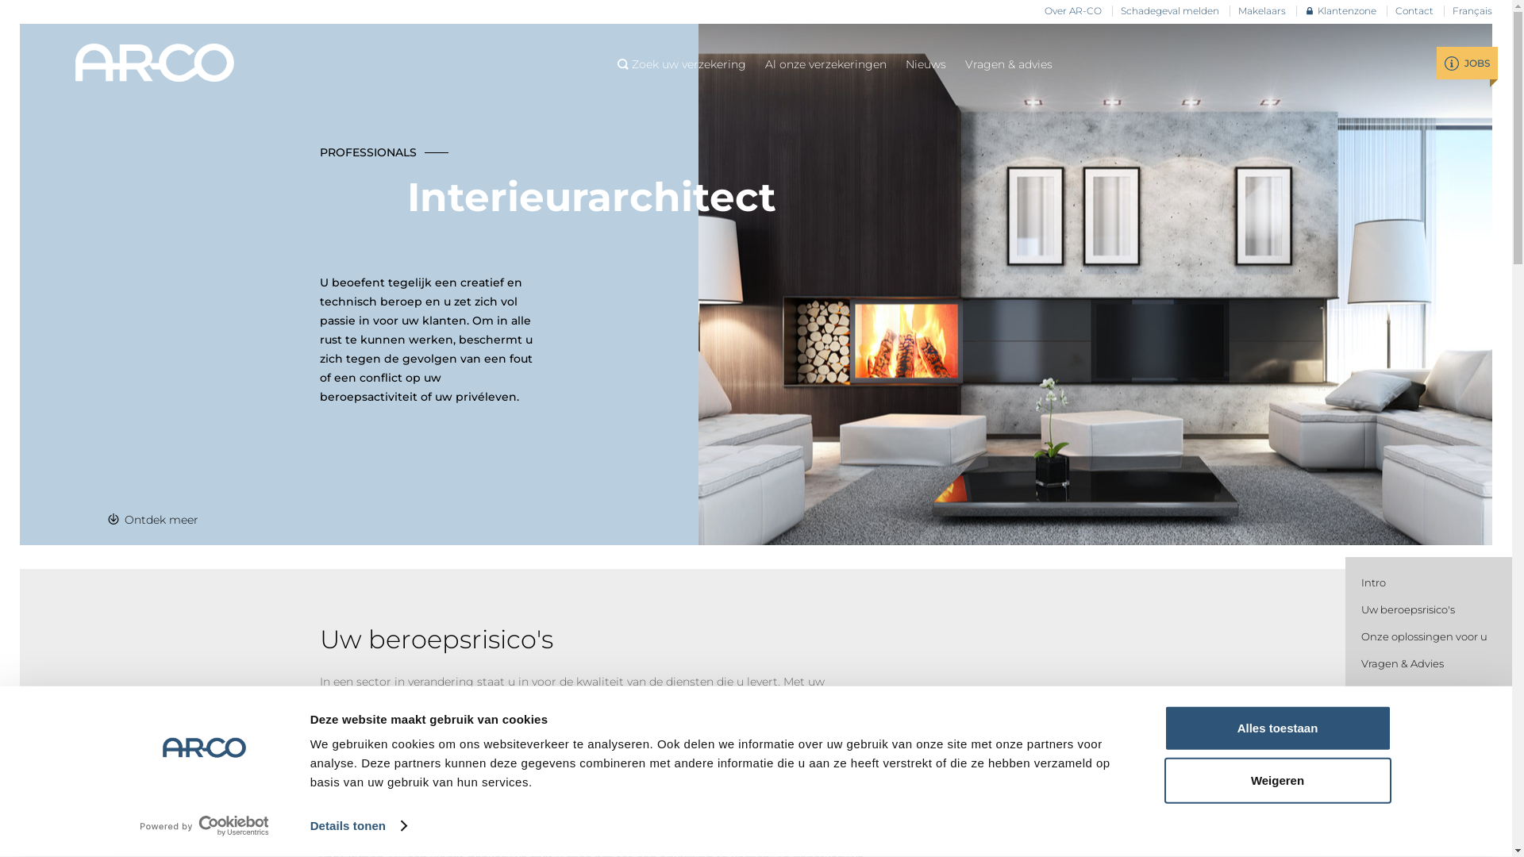 The image size is (1524, 857). What do you see at coordinates (1402, 663) in the screenshot?
I see `'Vragen & Advies'` at bounding box center [1402, 663].